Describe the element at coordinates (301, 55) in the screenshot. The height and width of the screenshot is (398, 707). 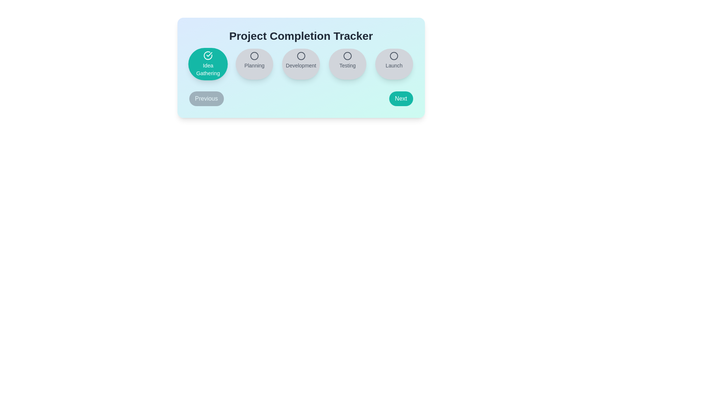
I see `the third circular project stage indicator labeled 'Development', which is styled with a stroke and has a hollow center` at that location.